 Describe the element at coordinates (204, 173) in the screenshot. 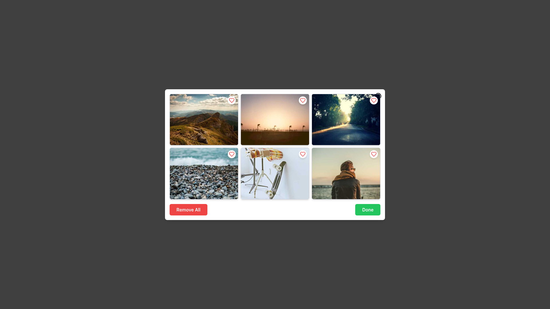

I see `the image displaying a scene with pebbles and the ocean in the background, which is the first element in the second row of a 3x2 grid layout` at that location.